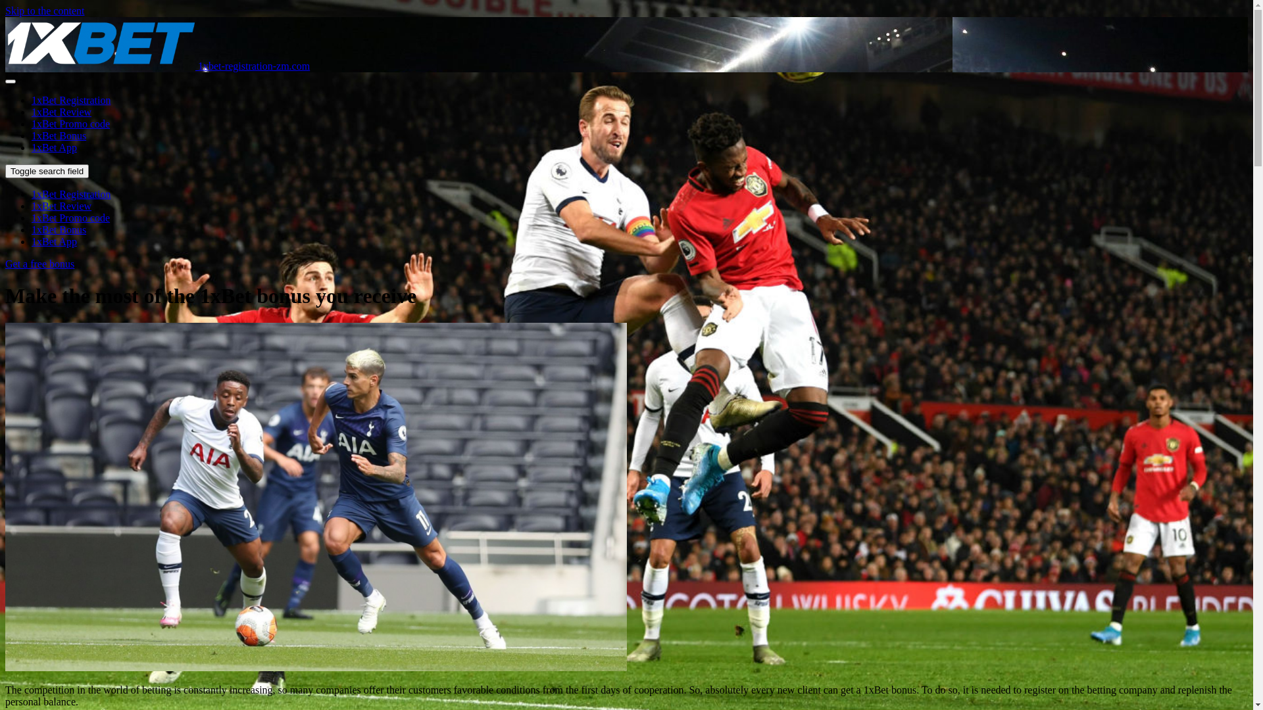  Describe the element at coordinates (5, 264) in the screenshot. I see `'Get a free bonus'` at that location.